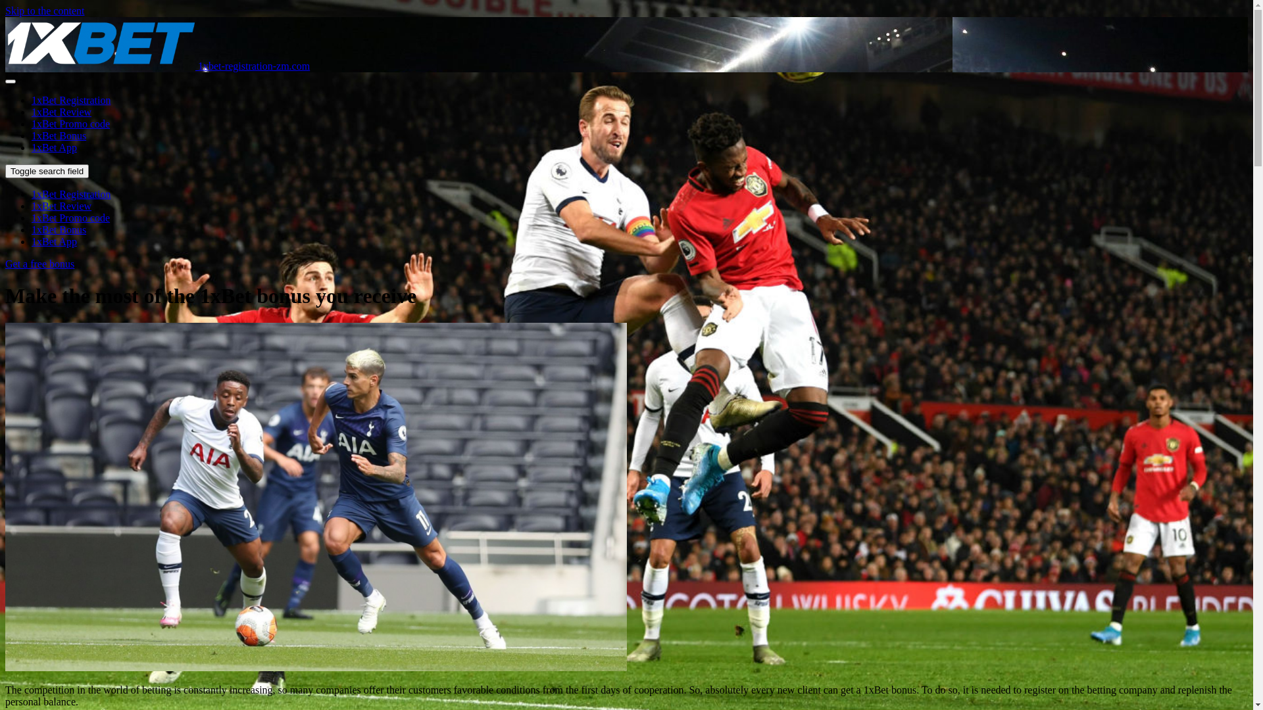  Describe the element at coordinates (5, 264) in the screenshot. I see `'Get a free bonus'` at that location.